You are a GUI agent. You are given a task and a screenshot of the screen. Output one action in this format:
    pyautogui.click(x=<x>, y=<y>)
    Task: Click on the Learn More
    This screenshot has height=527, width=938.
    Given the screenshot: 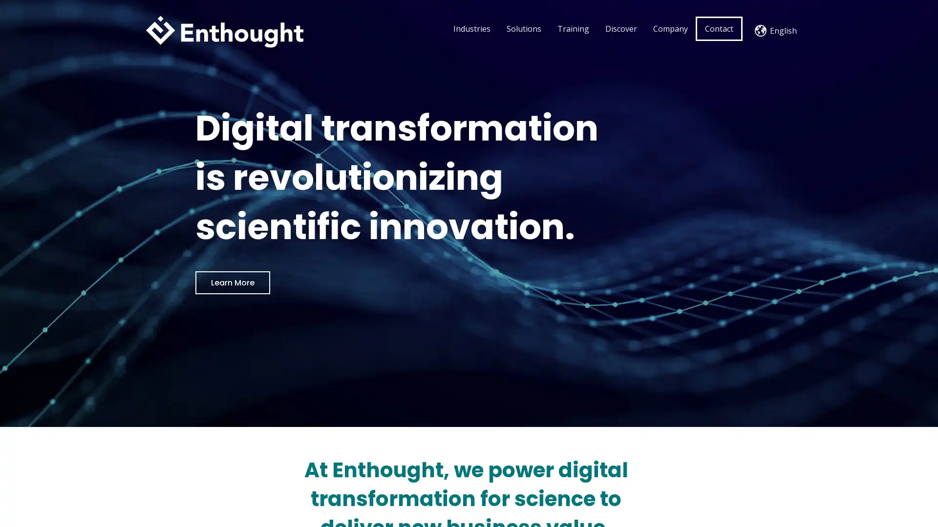 What is the action you would take?
    pyautogui.click(x=232, y=282)
    